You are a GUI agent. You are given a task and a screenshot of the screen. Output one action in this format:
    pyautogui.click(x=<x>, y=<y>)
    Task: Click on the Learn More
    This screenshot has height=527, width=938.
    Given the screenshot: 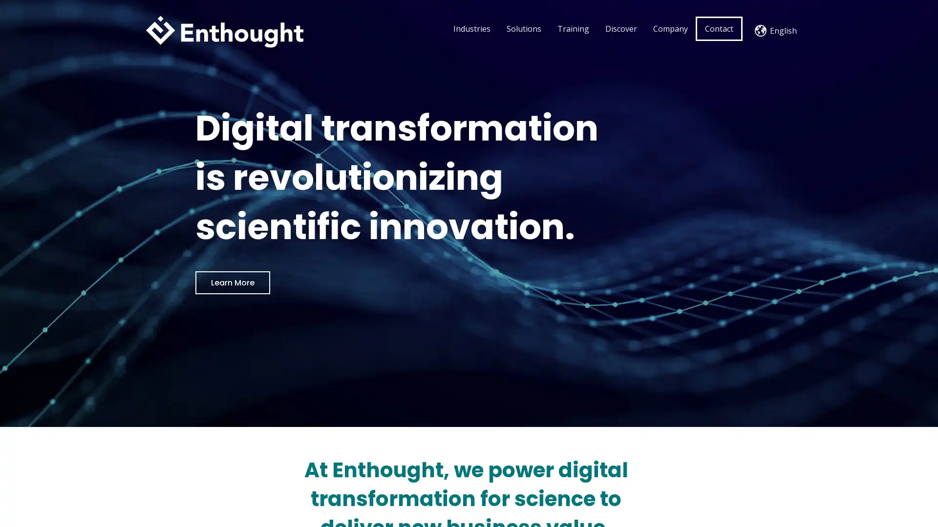 What is the action you would take?
    pyautogui.click(x=232, y=282)
    